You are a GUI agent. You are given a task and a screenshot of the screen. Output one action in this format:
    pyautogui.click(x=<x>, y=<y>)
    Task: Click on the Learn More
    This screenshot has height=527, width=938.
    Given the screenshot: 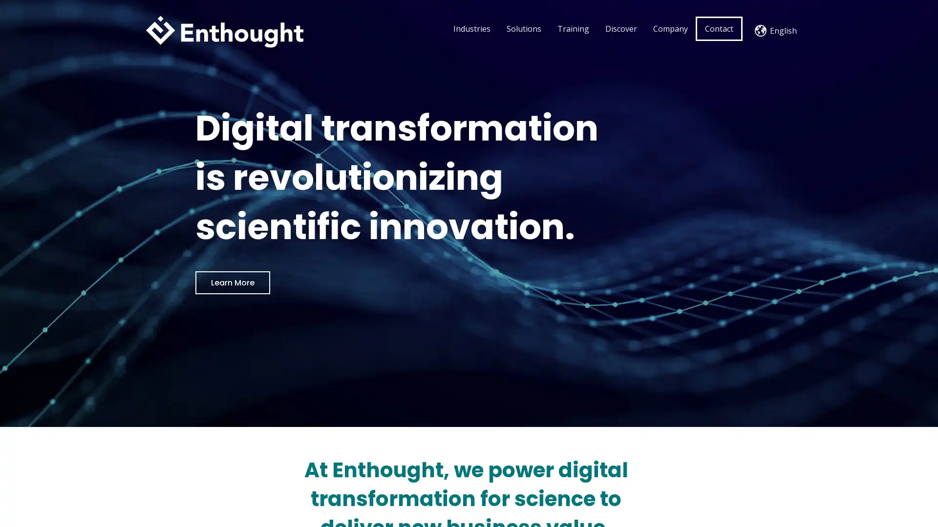 What is the action you would take?
    pyautogui.click(x=232, y=282)
    